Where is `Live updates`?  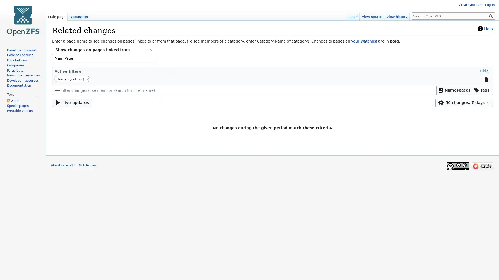
Live updates is located at coordinates (72, 103).